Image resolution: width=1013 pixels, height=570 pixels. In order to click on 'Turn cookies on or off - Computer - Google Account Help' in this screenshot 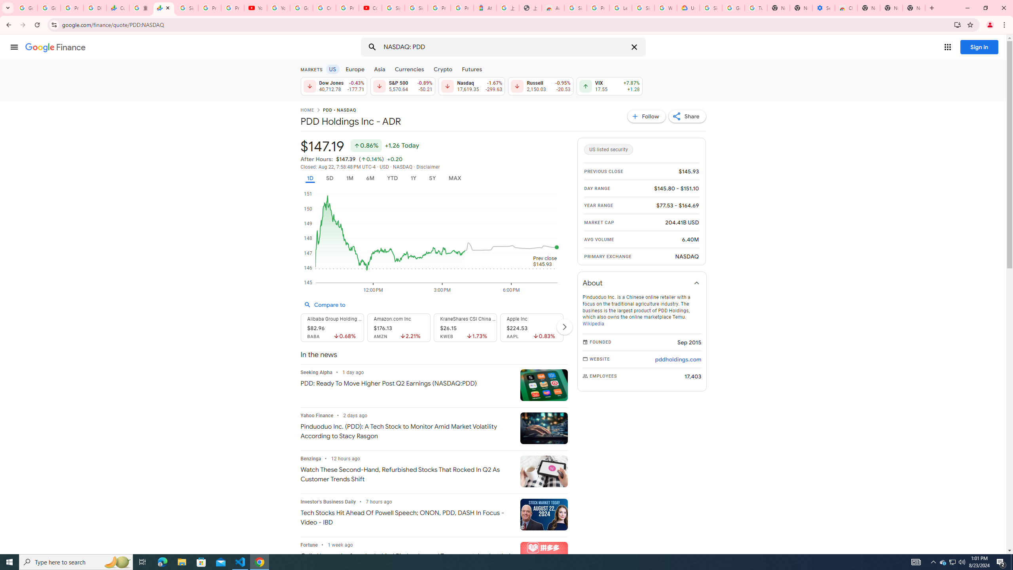, I will do `click(756, 8)`.